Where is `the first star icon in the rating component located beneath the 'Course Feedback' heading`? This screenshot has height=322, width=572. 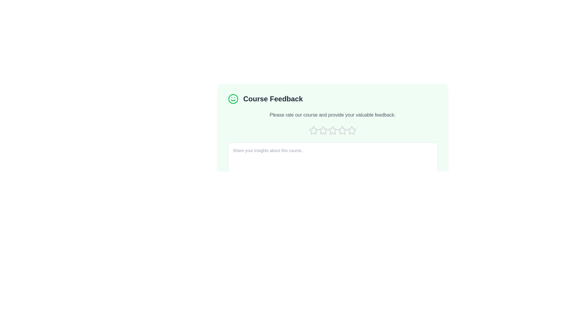 the first star icon in the rating component located beneath the 'Course Feedback' heading is located at coordinates (313, 130).